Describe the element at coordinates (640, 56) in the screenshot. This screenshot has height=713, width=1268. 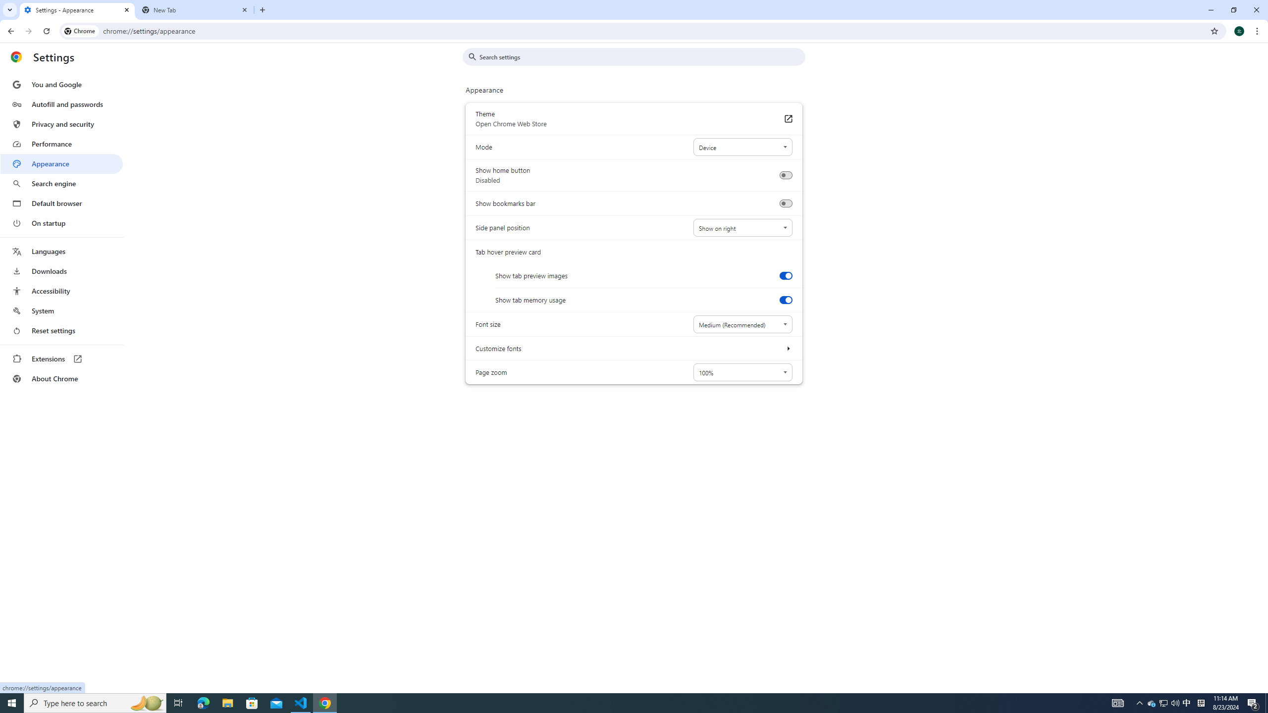
I see `'Search settings'` at that location.